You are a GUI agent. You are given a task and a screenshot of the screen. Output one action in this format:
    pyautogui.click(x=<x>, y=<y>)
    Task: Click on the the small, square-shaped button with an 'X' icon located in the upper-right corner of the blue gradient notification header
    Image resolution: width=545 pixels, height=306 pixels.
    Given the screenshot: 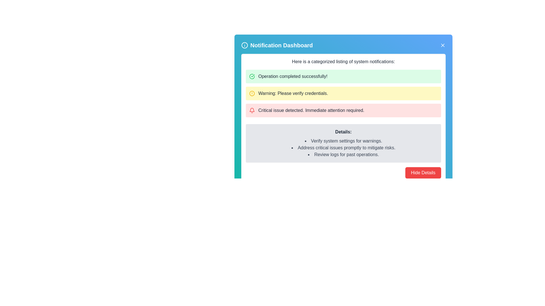 What is the action you would take?
    pyautogui.click(x=443, y=45)
    